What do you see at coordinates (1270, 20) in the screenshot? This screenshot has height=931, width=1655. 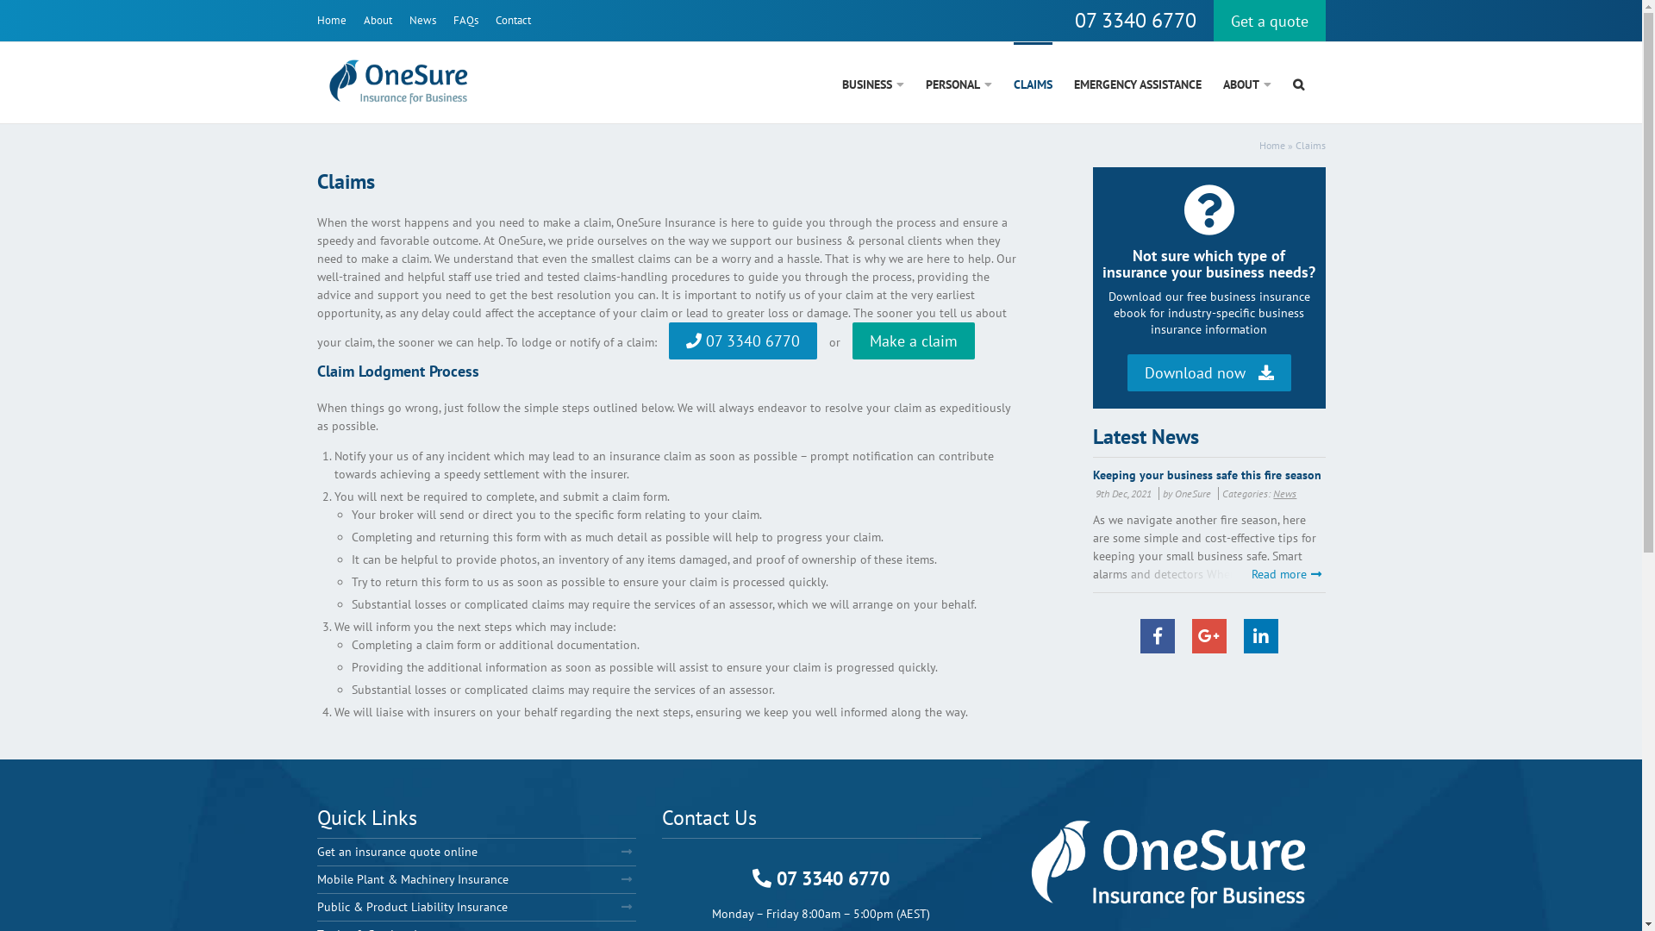 I see `'Get a quote'` at bounding box center [1270, 20].